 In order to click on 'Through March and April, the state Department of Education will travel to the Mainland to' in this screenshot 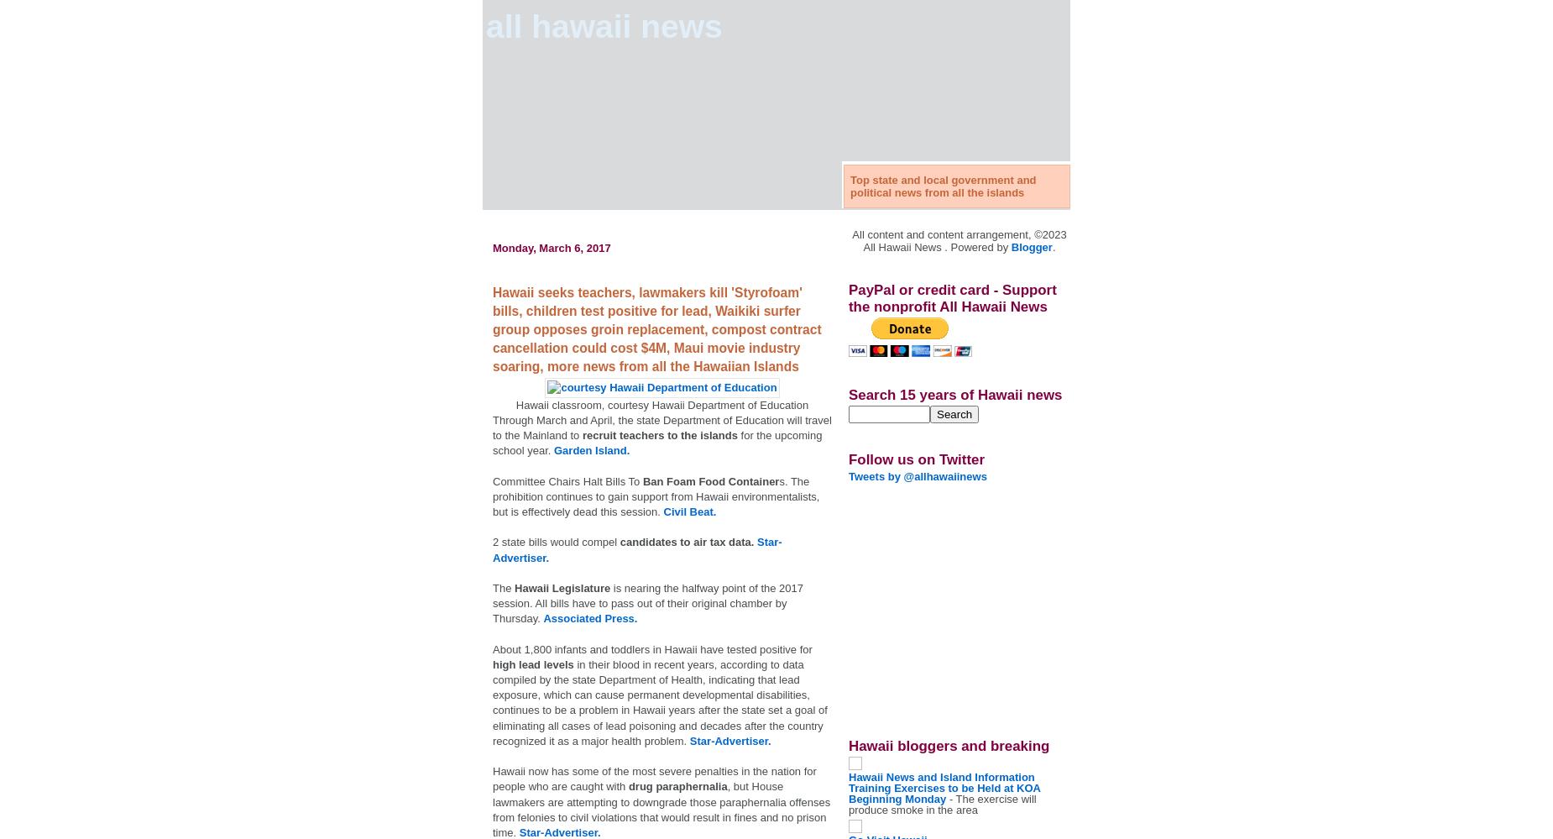, I will do `click(661, 426)`.